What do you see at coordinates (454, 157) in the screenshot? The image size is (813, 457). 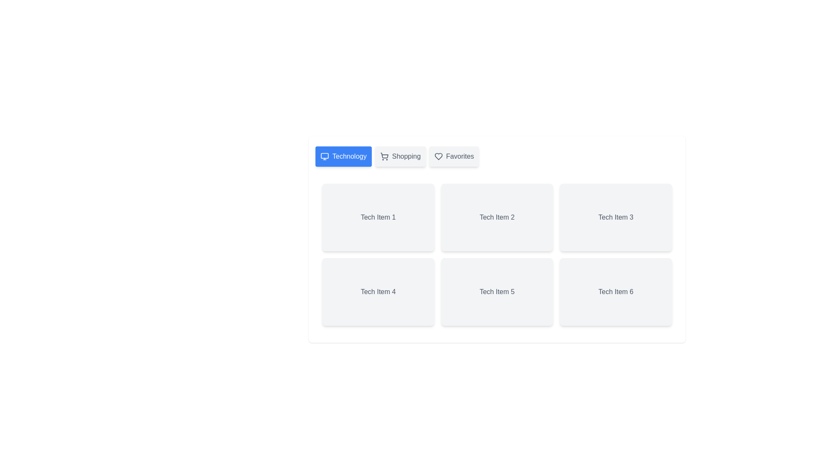 I see `the tab labeled 'Favorites' to potentially reveal additional information` at bounding box center [454, 157].